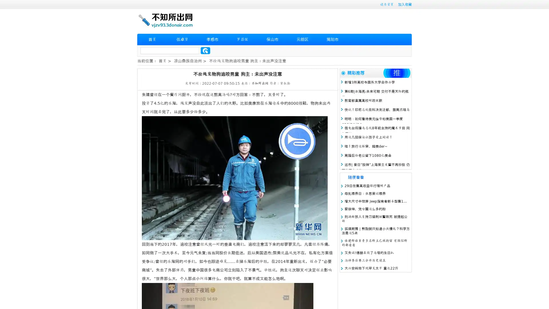  I want to click on Search, so click(205, 50).